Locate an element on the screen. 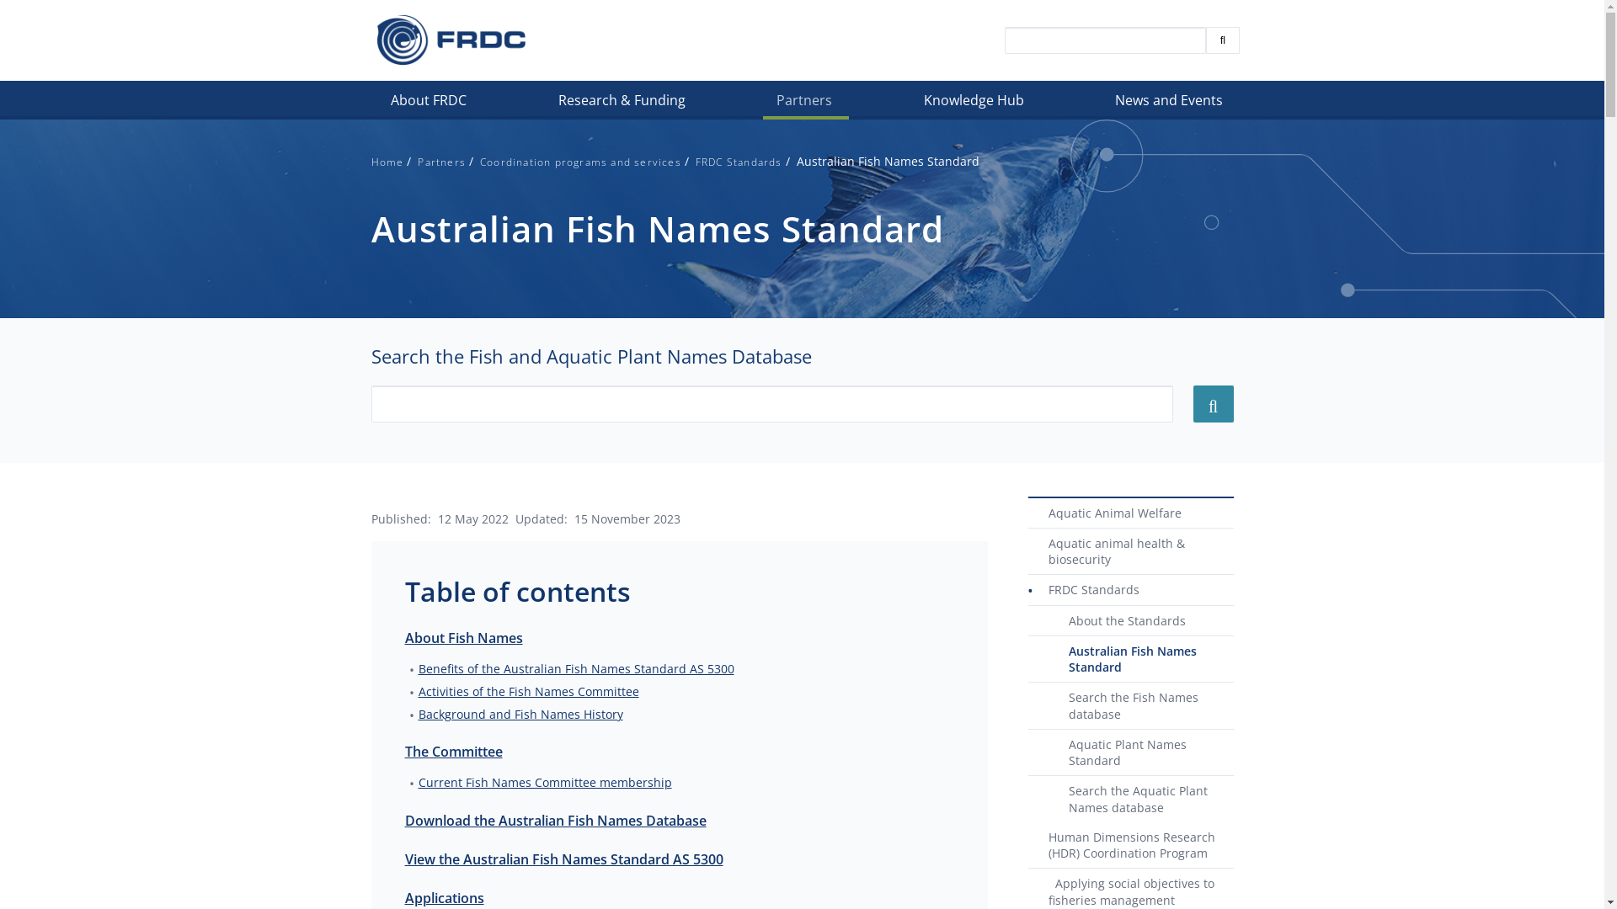 This screenshot has width=1617, height=909. 'Background and Fish Names History' is located at coordinates (519, 714).